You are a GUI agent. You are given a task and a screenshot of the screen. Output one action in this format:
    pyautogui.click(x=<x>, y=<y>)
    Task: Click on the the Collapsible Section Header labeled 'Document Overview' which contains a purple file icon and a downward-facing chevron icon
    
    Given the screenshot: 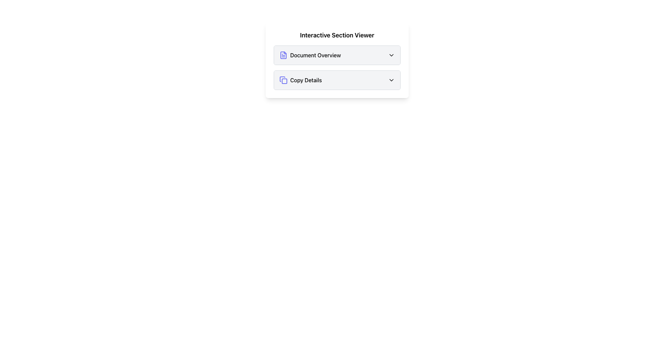 What is the action you would take?
    pyautogui.click(x=337, y=55)
    